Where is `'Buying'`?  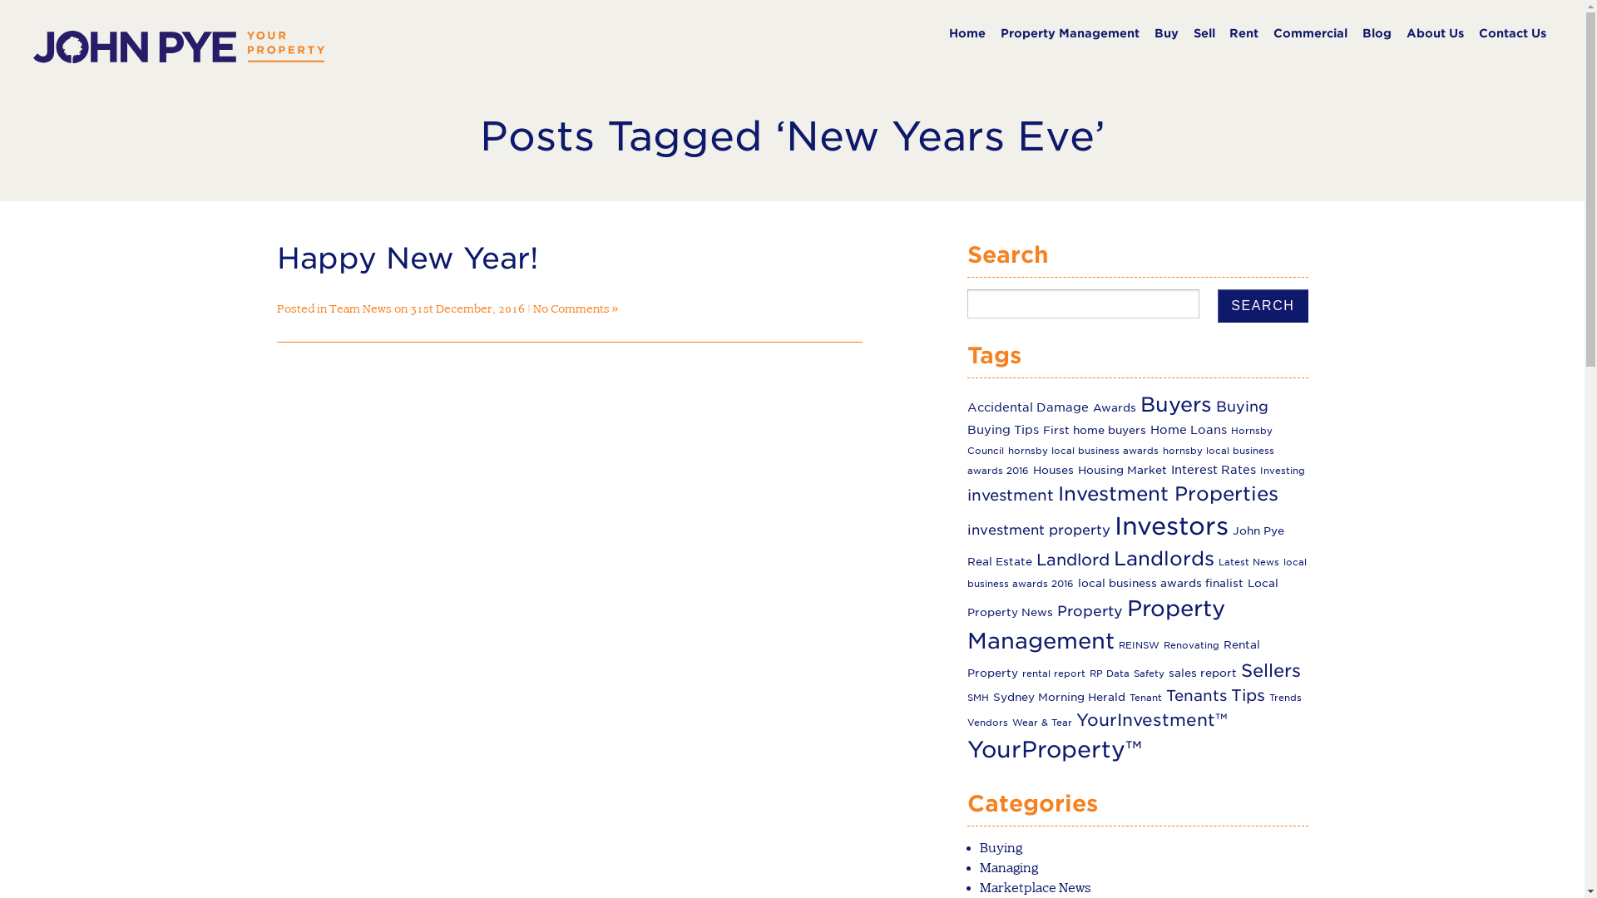
'Buying' is located at coordinates (979, 847).